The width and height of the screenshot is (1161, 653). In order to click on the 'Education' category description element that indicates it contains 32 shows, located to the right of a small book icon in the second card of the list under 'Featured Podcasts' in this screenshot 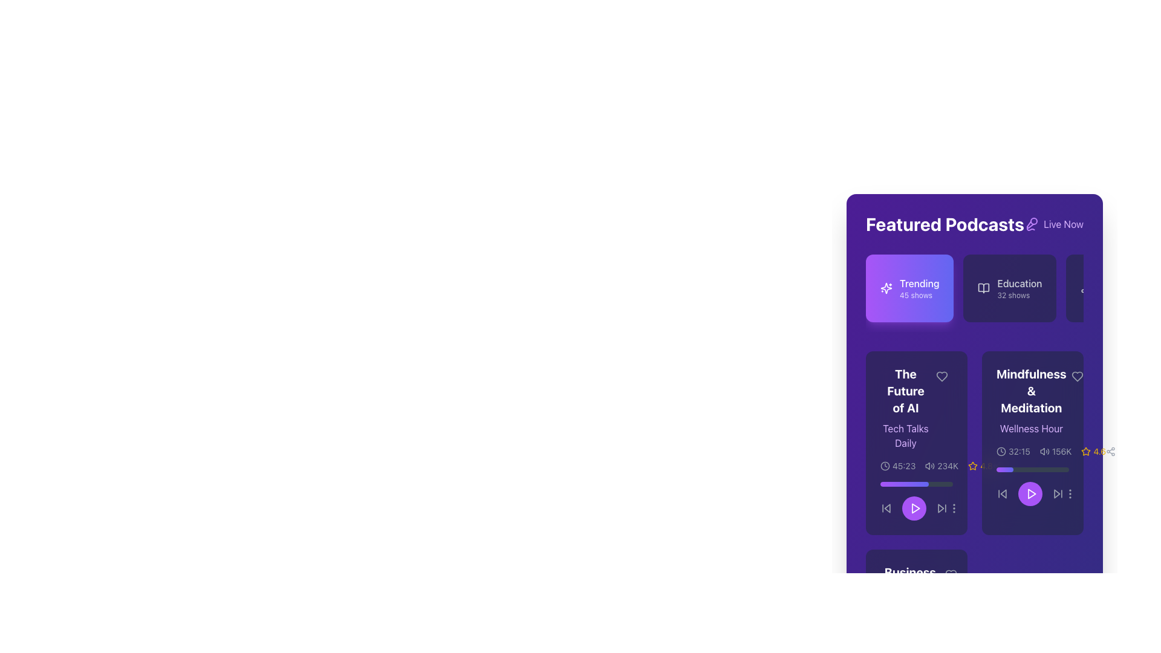, I will do `click(1019, 288)`.